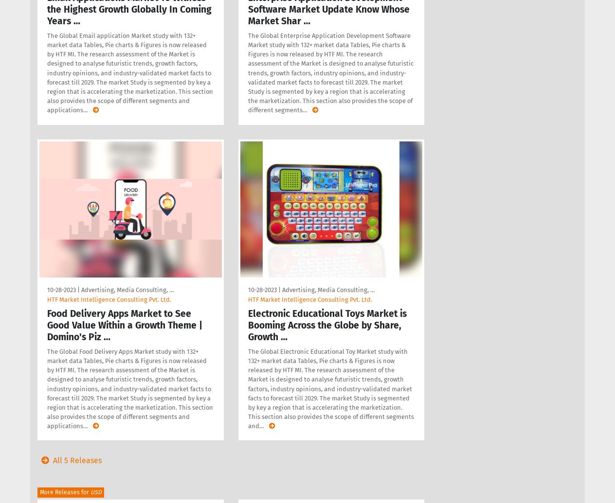 This screenshot has width=615, height=503. Describe the element at coordinates (330, 72) in the screenshot. I see `'The Global Enterprise Application Development Software Market study with 132+ market data Tables, Pie charts & Figures is now released by HTF MI. The research assessment of the Market is designed to analyse futuristic trends, growth factors, industry opinions, and industry-validated market facts to forecast till 2029. 
The market Study is segmented by key a region that is accelerating the marketization. This section also provides the scope of different segments'` at that location.